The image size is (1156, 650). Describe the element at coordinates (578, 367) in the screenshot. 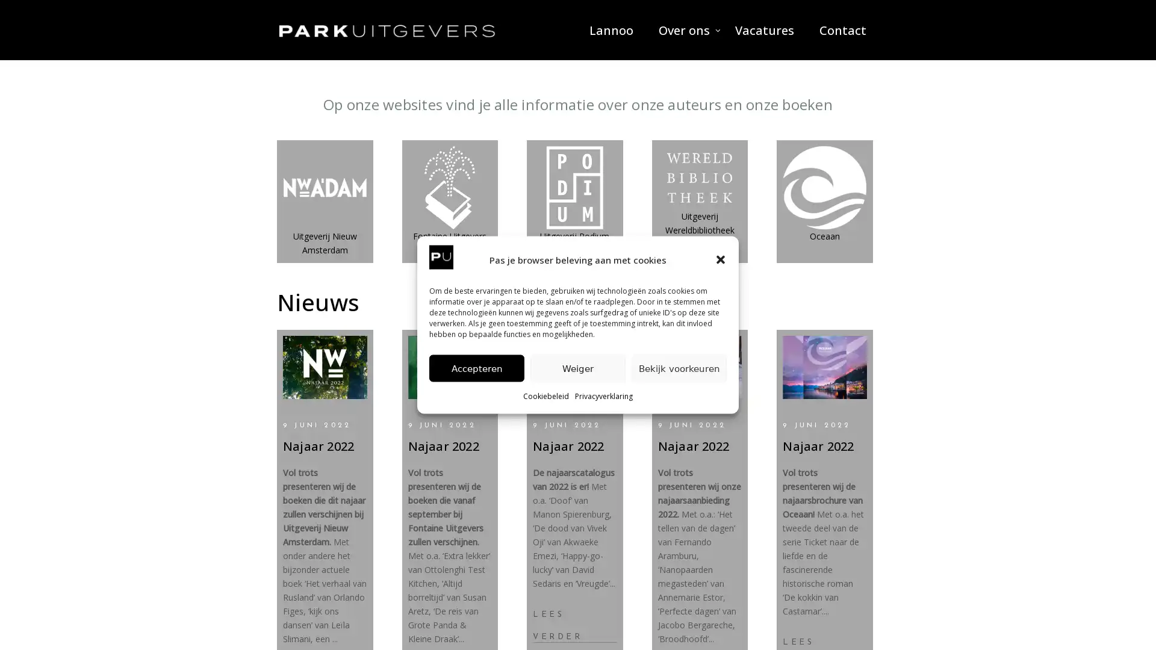

I see `Weiger` at that location.